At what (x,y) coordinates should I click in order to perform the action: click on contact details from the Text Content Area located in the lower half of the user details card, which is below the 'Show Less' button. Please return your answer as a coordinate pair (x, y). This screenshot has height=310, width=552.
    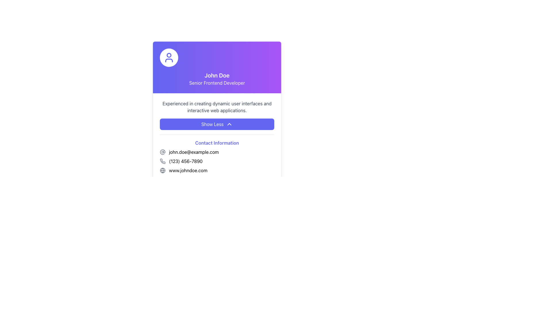
    Looking at the image, I should click on (216, 147).